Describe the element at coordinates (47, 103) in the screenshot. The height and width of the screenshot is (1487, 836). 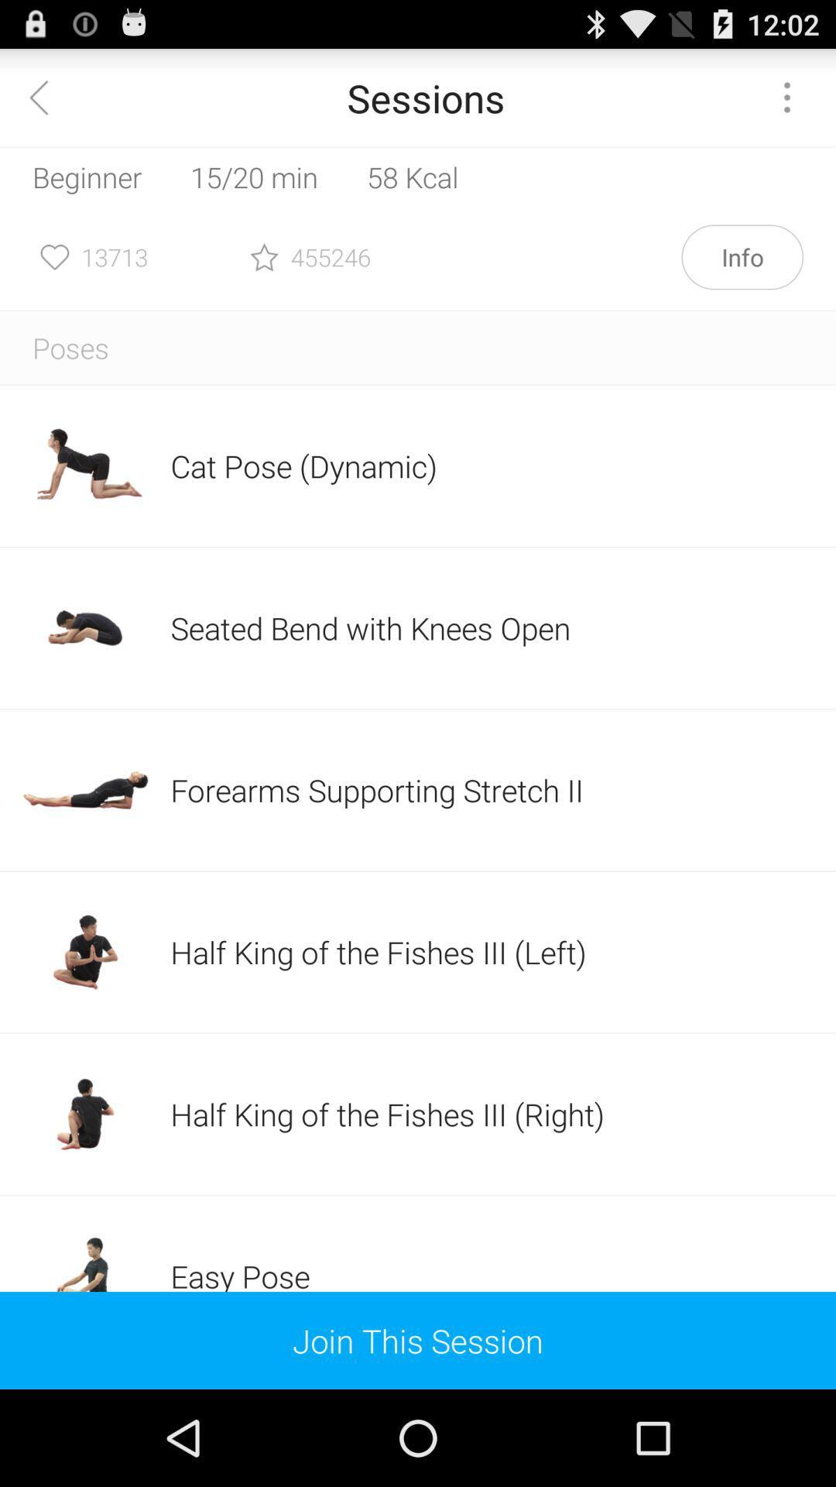
I see `the arrow_backward icon` at that location.